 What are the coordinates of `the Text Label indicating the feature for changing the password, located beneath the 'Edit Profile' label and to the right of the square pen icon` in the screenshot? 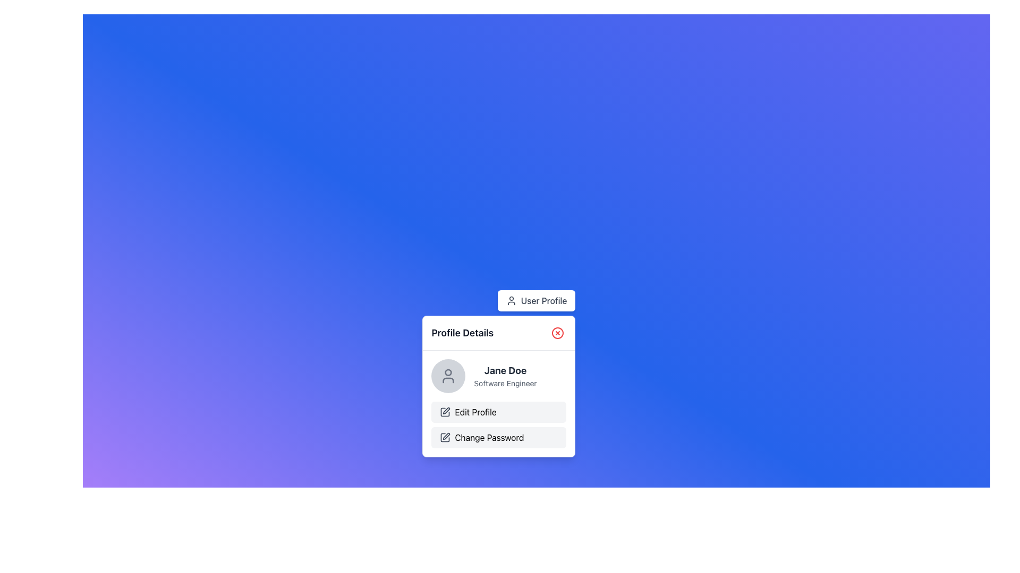 It's located at (489, 438).